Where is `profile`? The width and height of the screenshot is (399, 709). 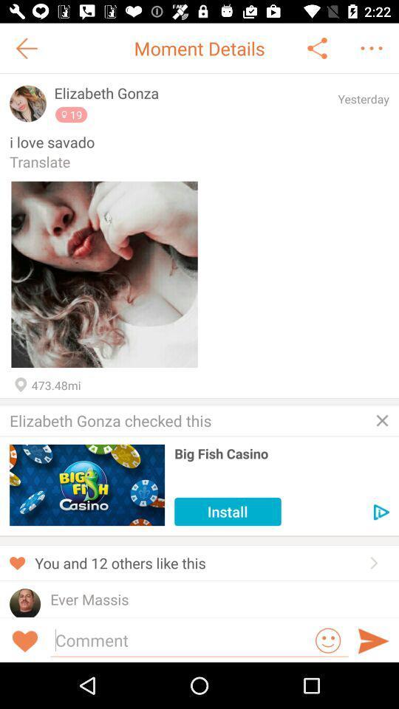 profile is located at coordinates (24, 603).